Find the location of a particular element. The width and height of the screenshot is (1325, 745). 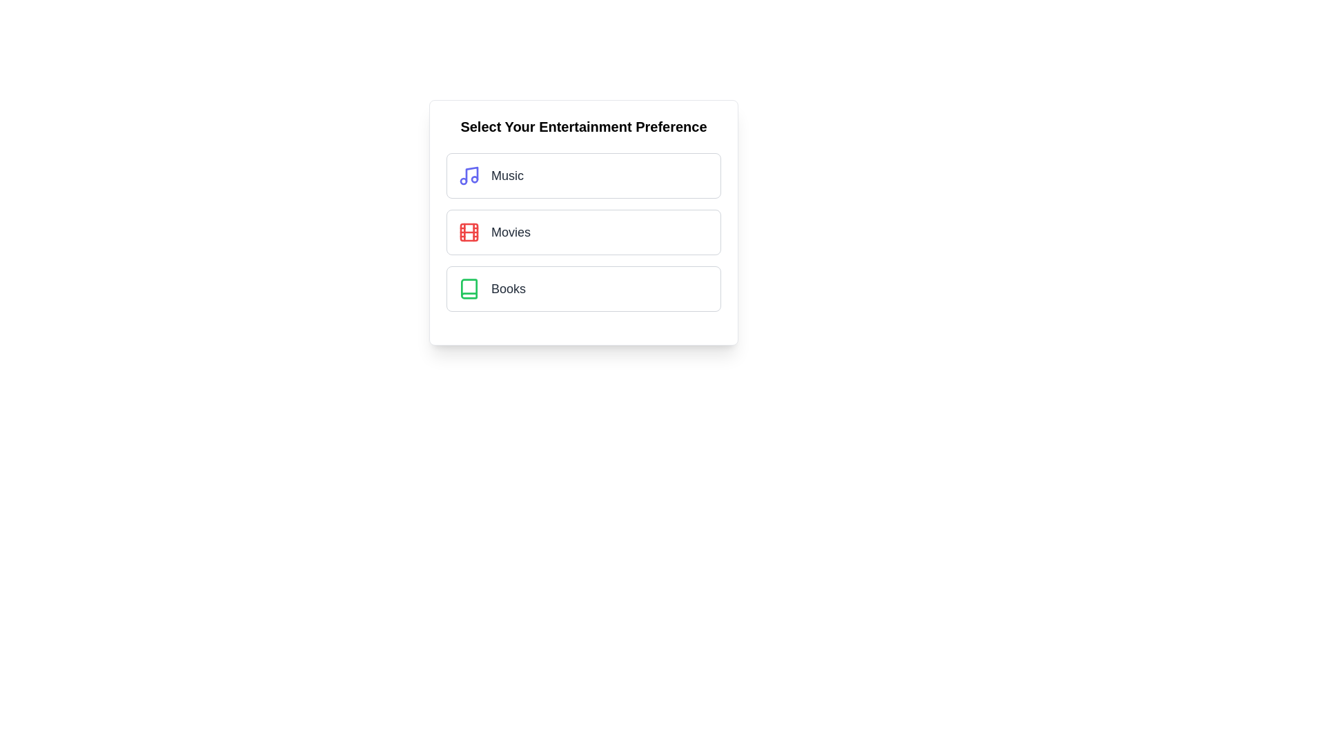

text of the 'Movies' label, which is positioned in the second row of options, next to a red movie-themed icon is located at coordinates (510, 231).